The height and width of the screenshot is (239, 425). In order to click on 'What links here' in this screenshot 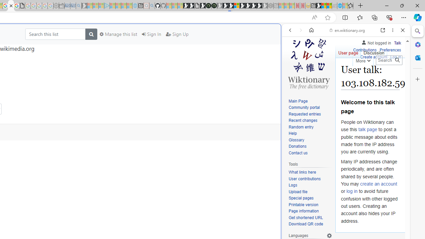, I will do `click(302, 172)`.